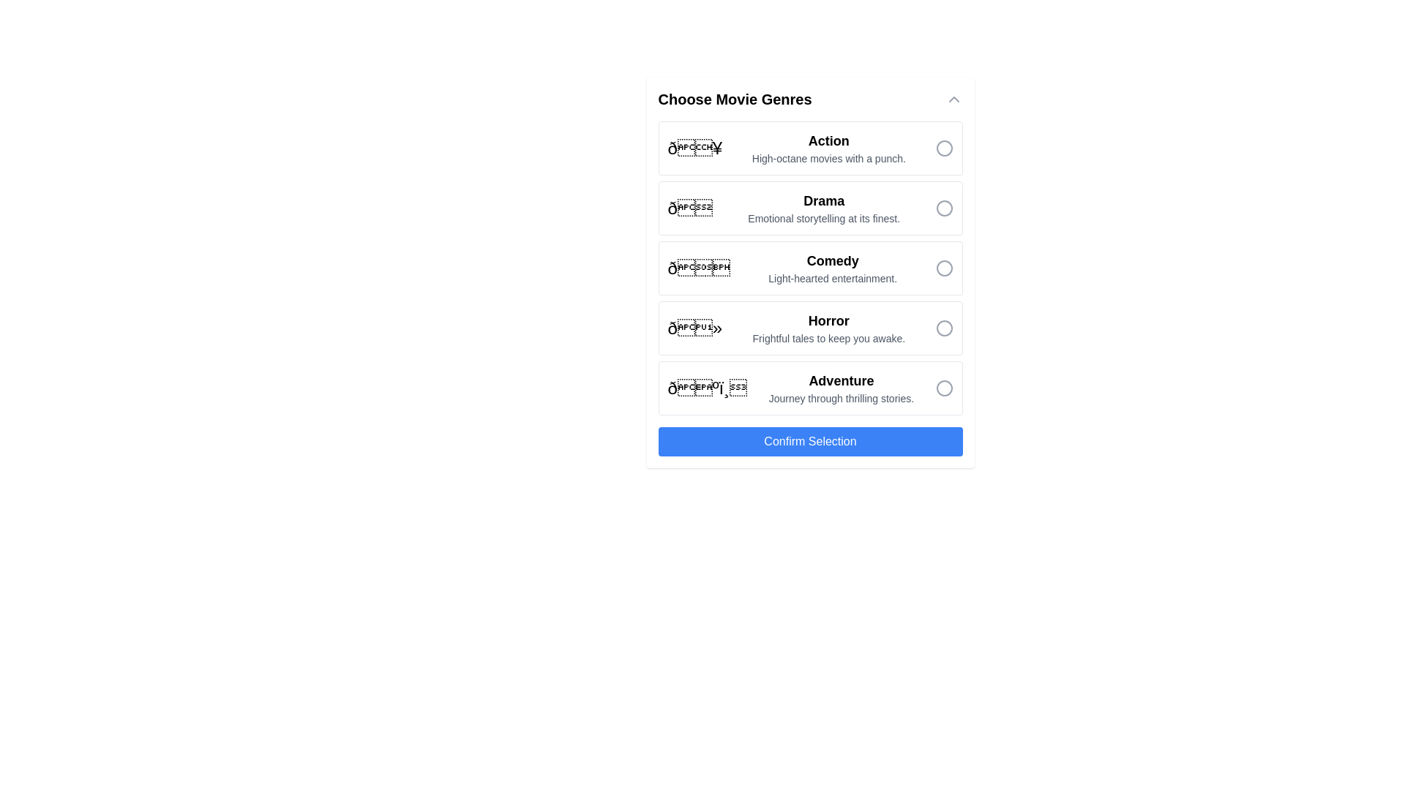 Image resolution: width=1405 pixels, height=790 pixels. Describe the element at coordinates (809, 268) in the screenshot. I see `the 'Comedy' genre selection item in the vertically stacked list within the 'Choose Movie Genres' panel` at that location.